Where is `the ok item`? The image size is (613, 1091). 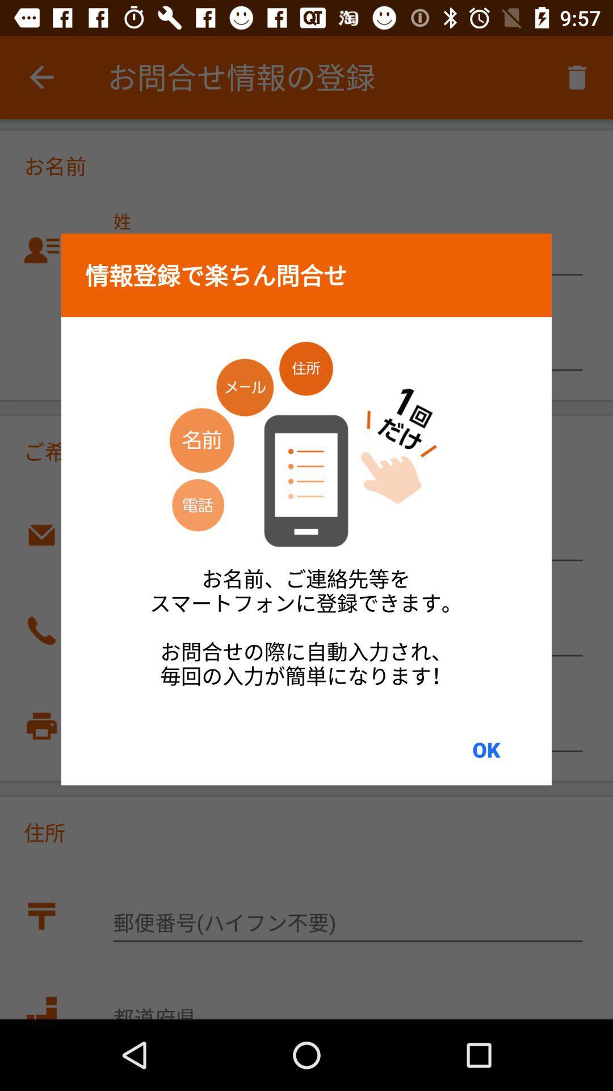
the ok item is located at coordinates (485, 749).